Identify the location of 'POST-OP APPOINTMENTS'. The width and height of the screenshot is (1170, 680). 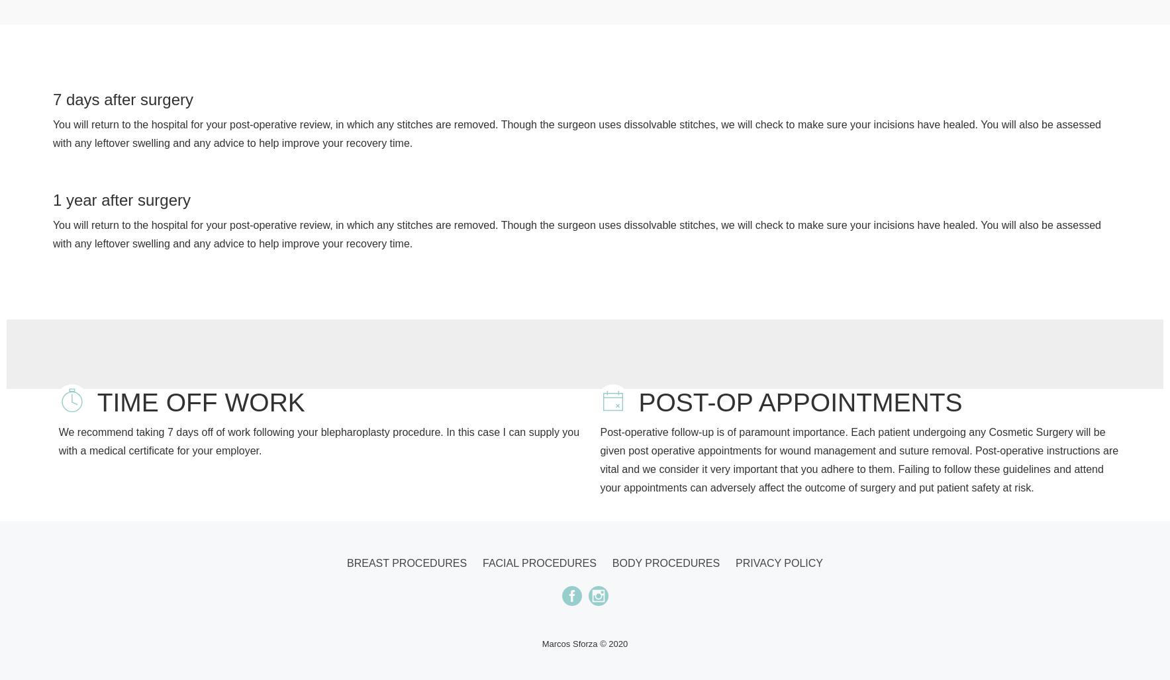
(799, 402).